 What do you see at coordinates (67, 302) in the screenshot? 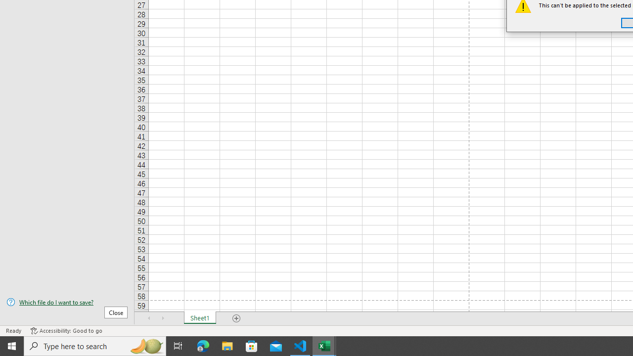
I see `'Which file do I want to save?'` at bounding box center [67, 302].